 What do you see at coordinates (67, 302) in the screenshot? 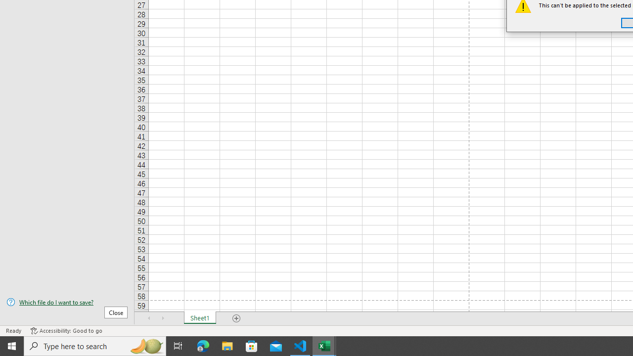
I see `'Which file do I want to save?'` at bounding box center [67, 302].